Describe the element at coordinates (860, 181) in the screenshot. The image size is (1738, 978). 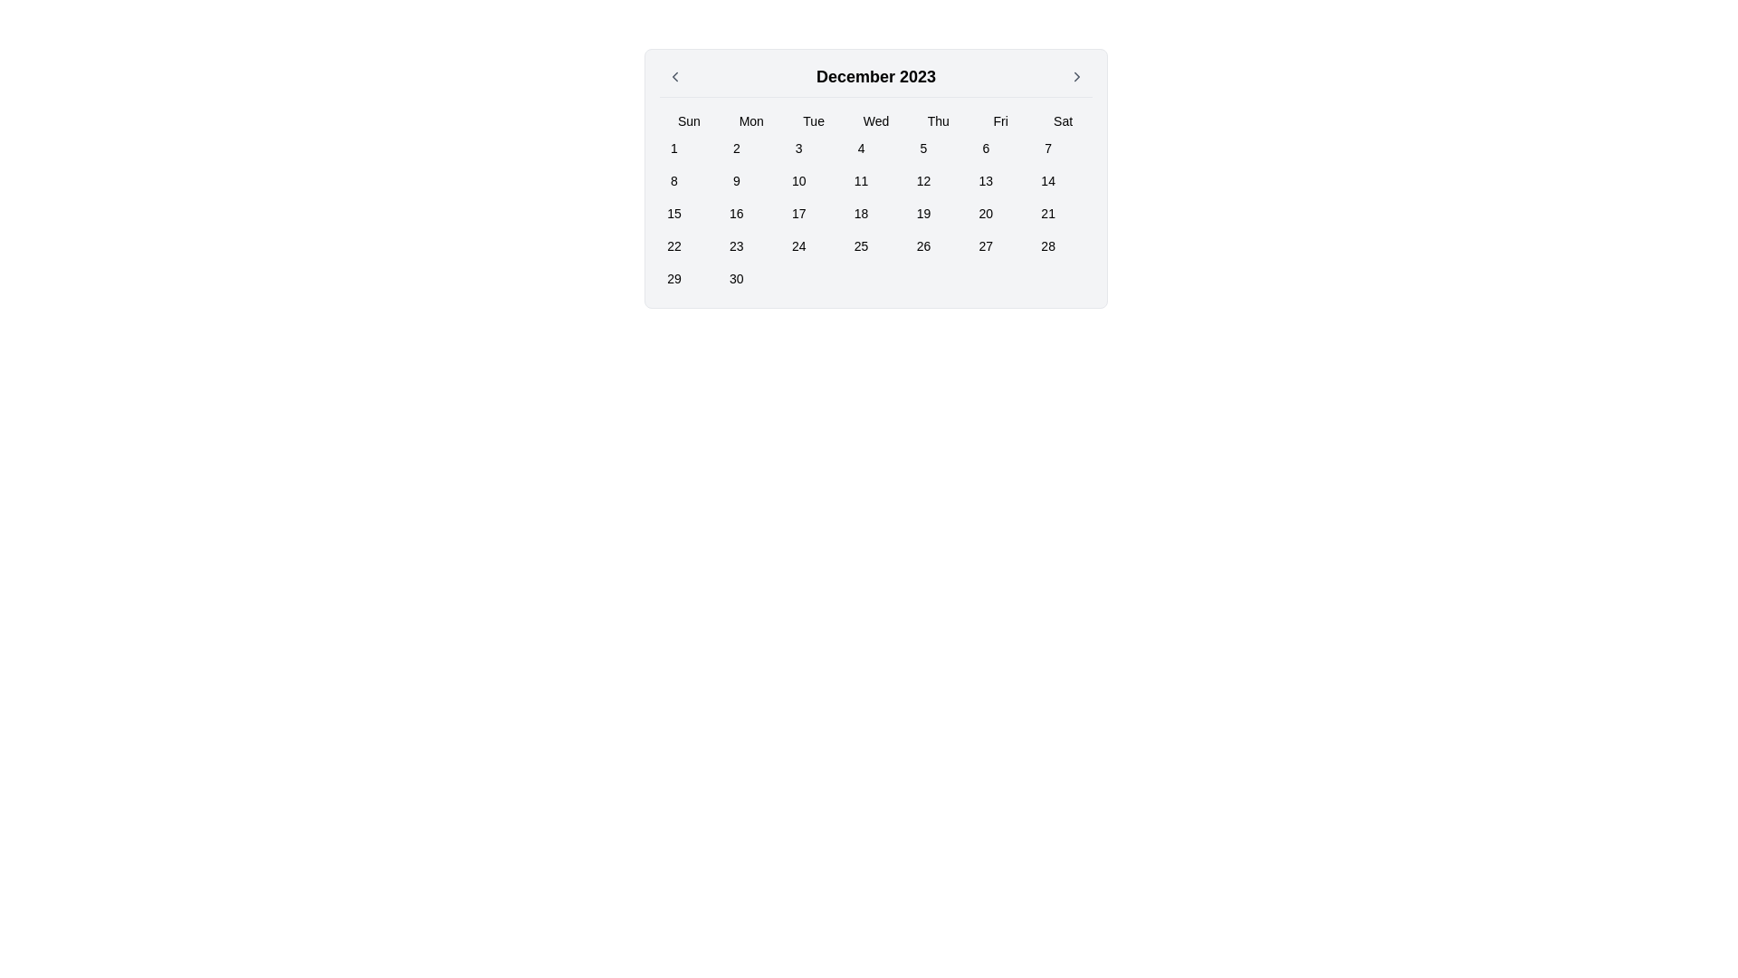
I see `the selectable day '11' button in the calendar interface` at that location.